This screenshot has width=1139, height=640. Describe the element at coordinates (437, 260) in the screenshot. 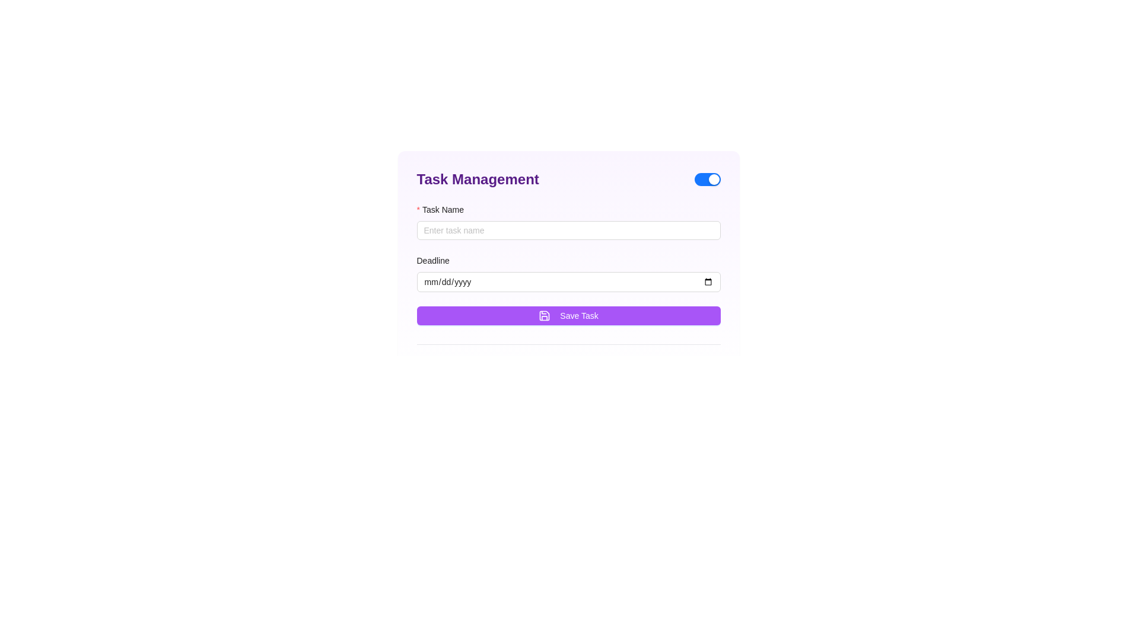

I see `the 'Deadline' label, which is positioned above the date input field and aligned left within the form` at that location.